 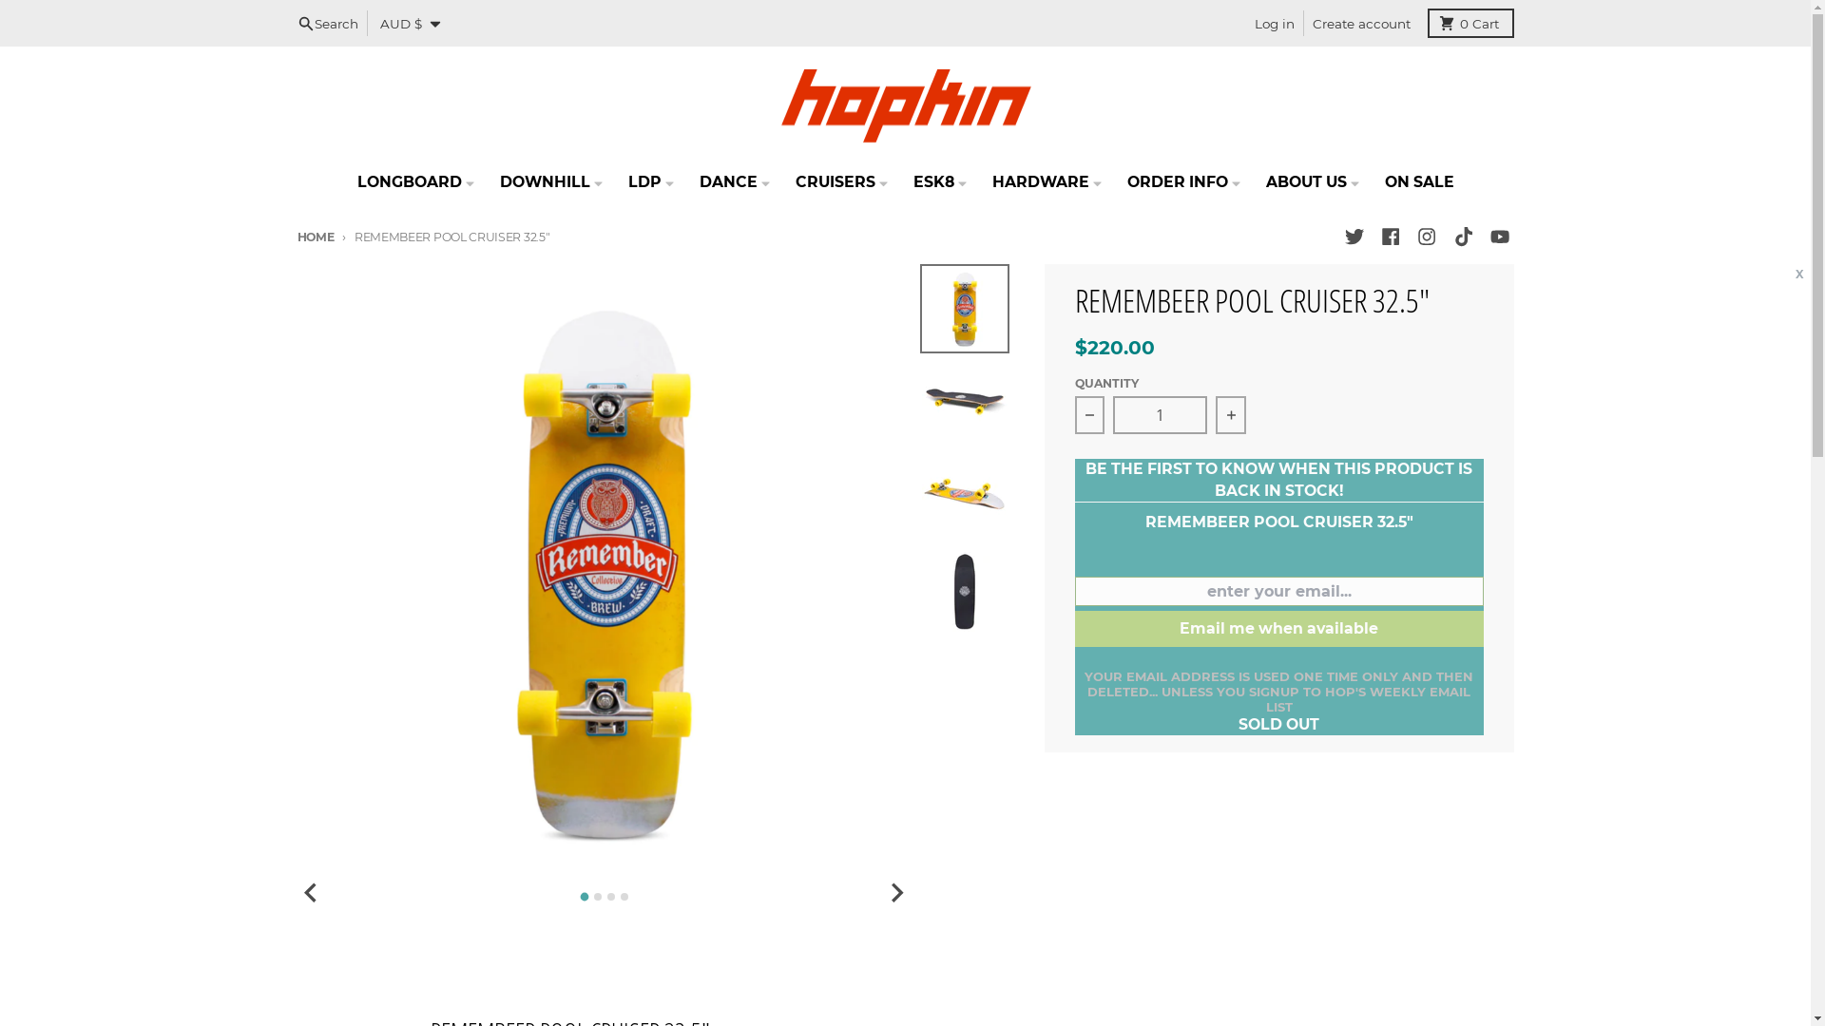 What do you see at coordinates (1449, 236) in the screenshot?
I see `'TikTok - Hopkin Skate'` at bounding box center [1449, 236].